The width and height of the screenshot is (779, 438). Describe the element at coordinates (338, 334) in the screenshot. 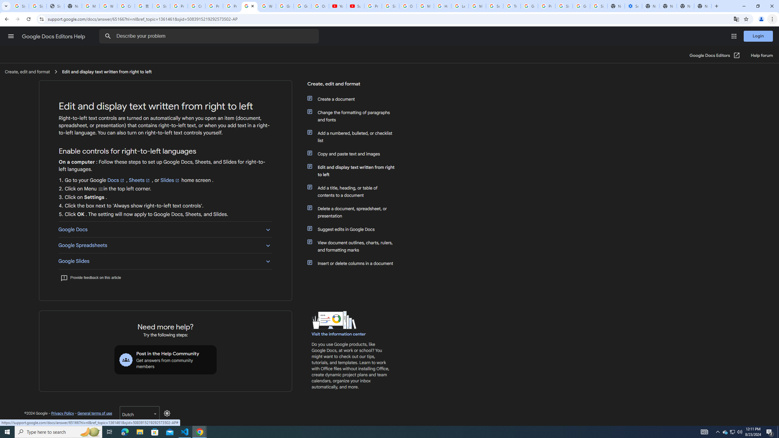

I see `'Visit the information center'` at that location.